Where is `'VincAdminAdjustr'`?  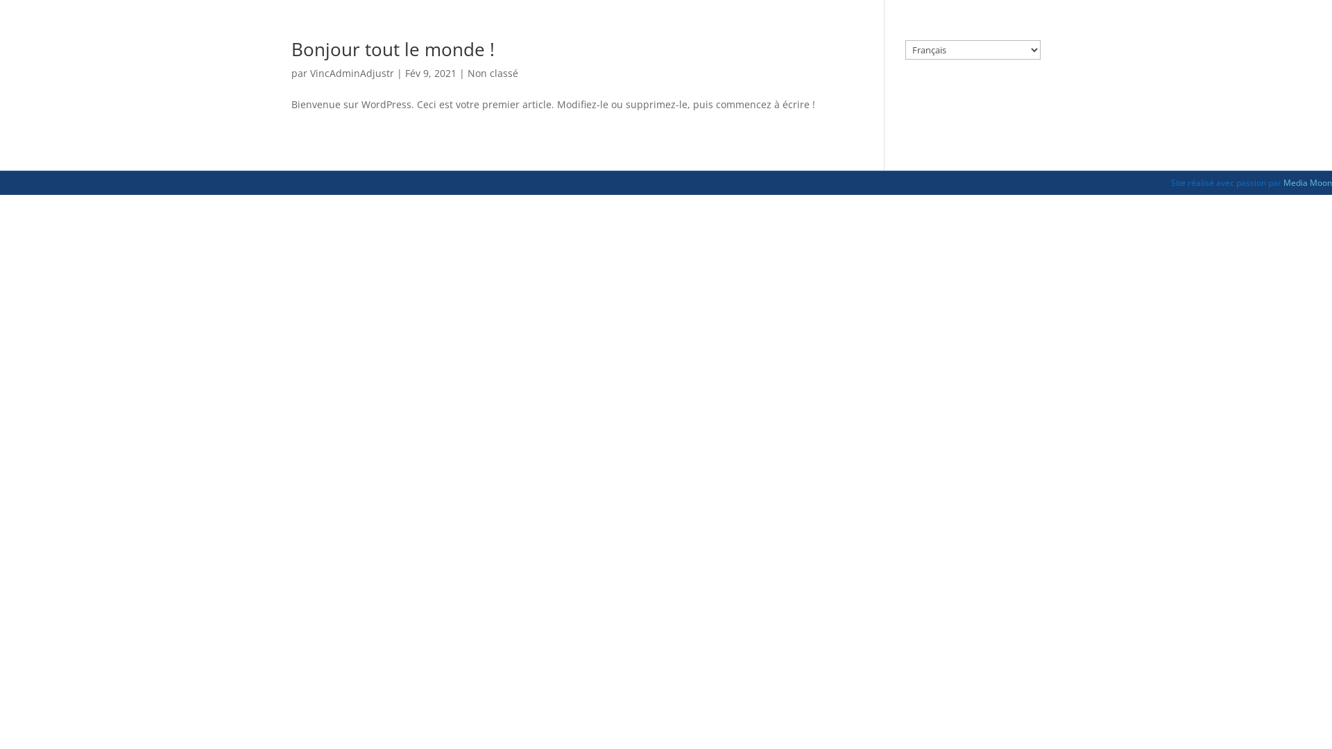
'VincAdminAdjustr' is located at coordinates (352, 73).